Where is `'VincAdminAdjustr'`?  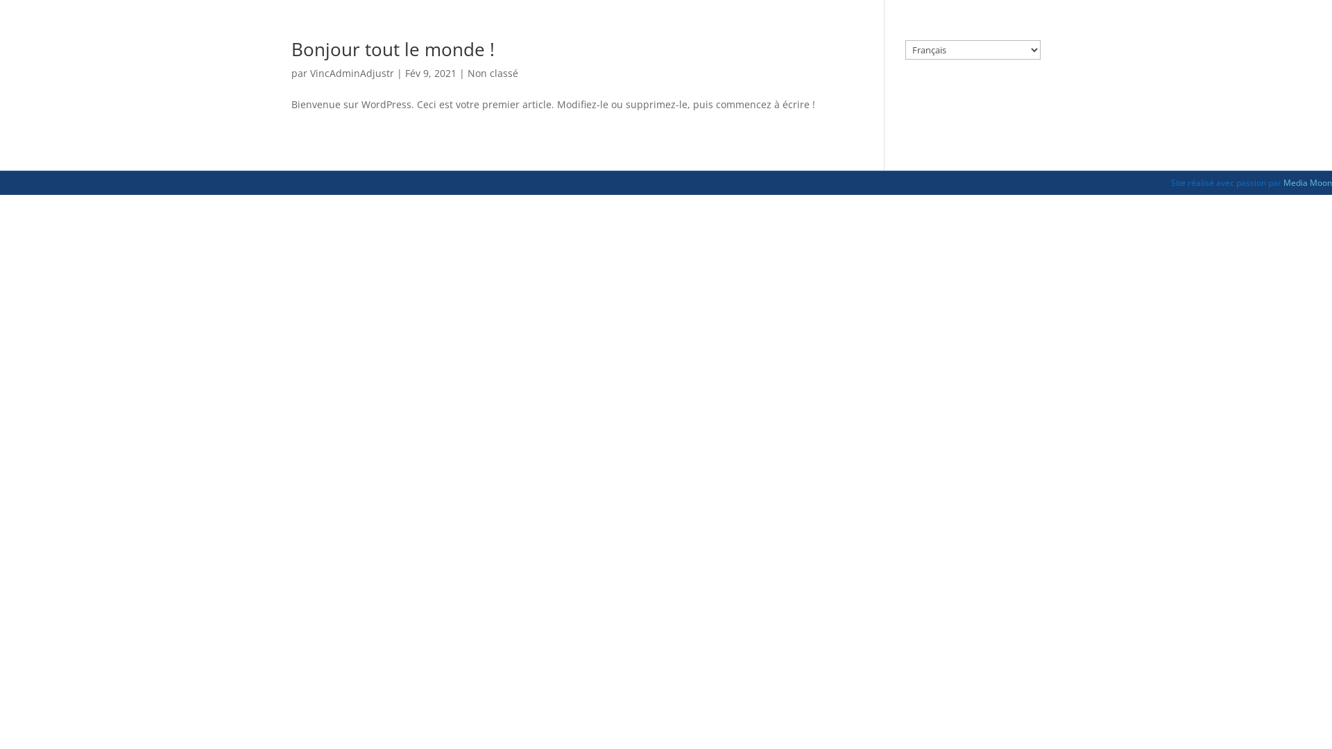
'VincAdminAdjustr' is located at coordinates (352, 73).